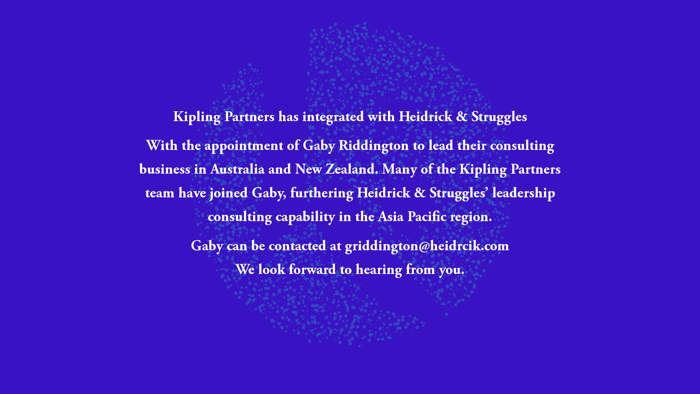 The width and height of the screenshot is (700, 394). Describe the element at coordinates (427, 247) in the screenshot. I see `'griddington@heidrcik.com'` at that location.